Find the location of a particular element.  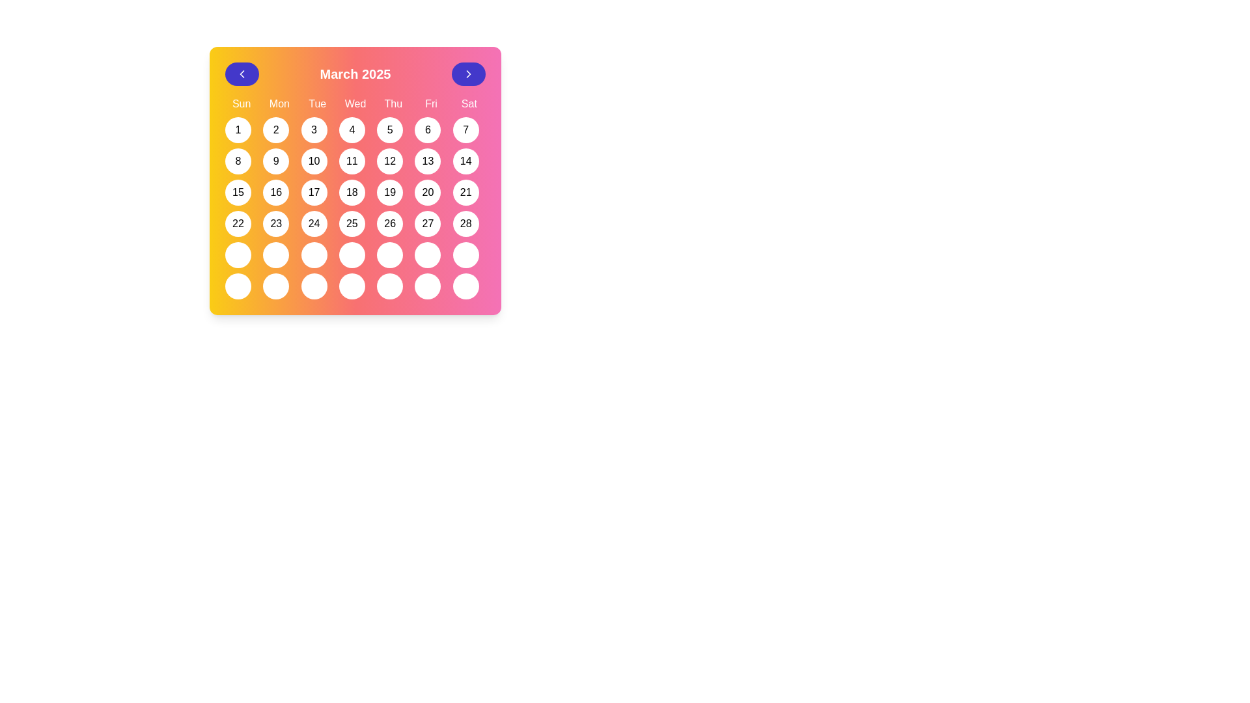

the circular button displaying the number '11' located in the fourth column and third row of the calendar grid is located at coordinates (352, 160).